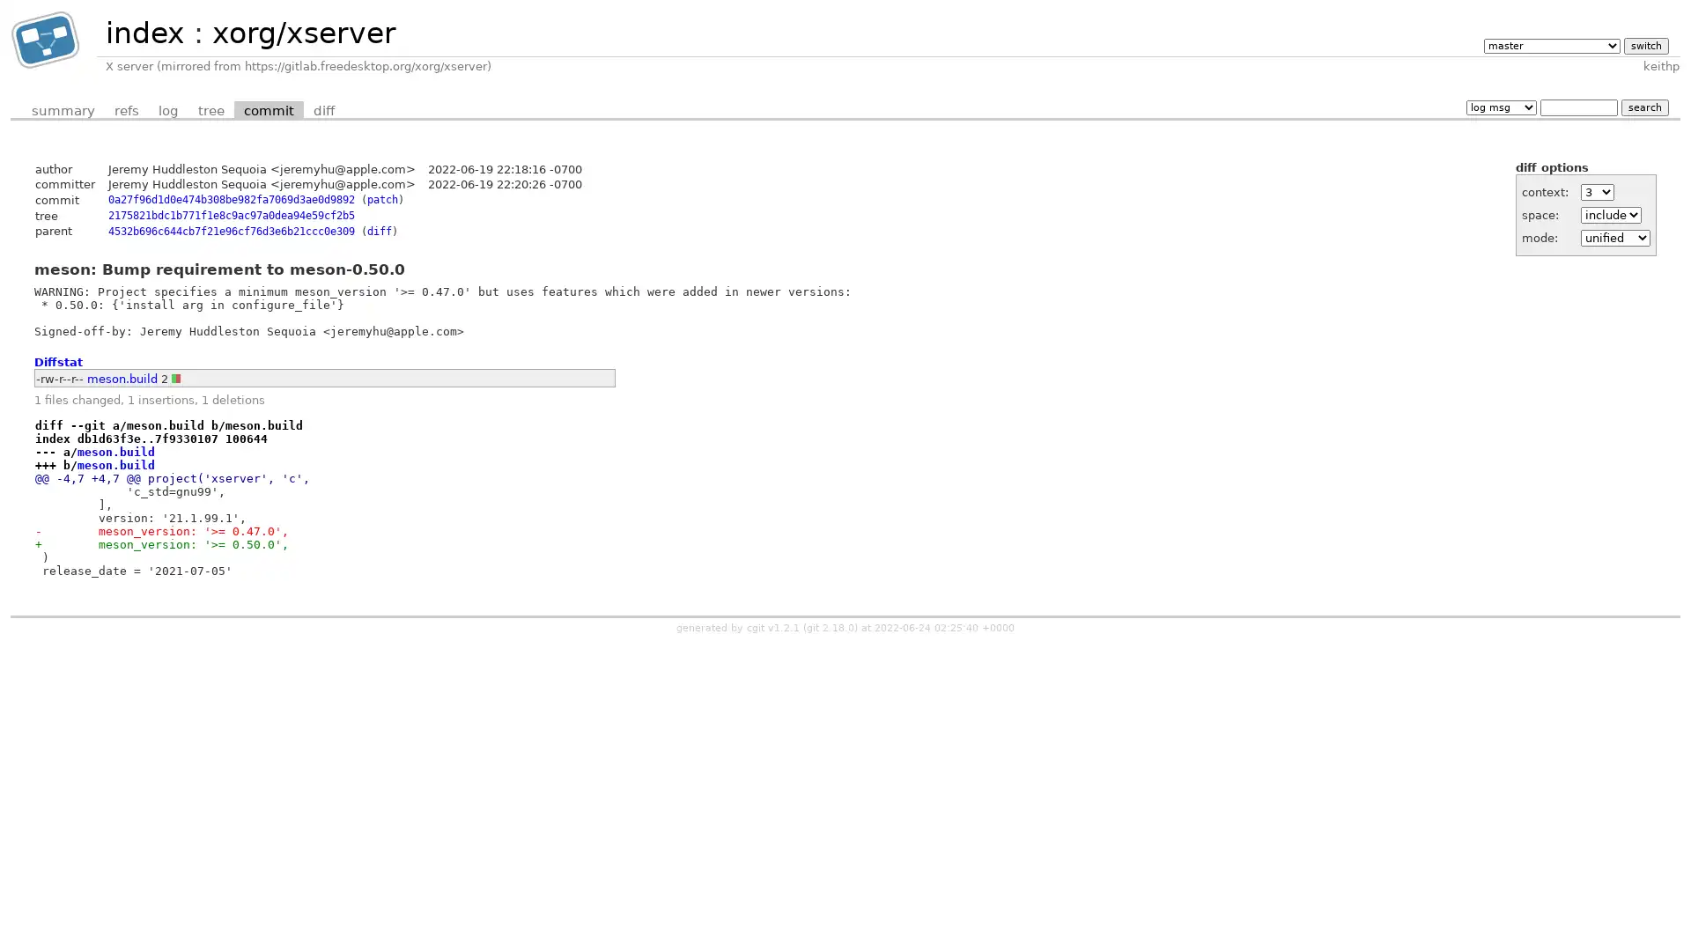 The width and height of the screenshot is (1691, 951). Describe the element at coordinates (1644, 44) in the screenshot. I see `switch` at that location.